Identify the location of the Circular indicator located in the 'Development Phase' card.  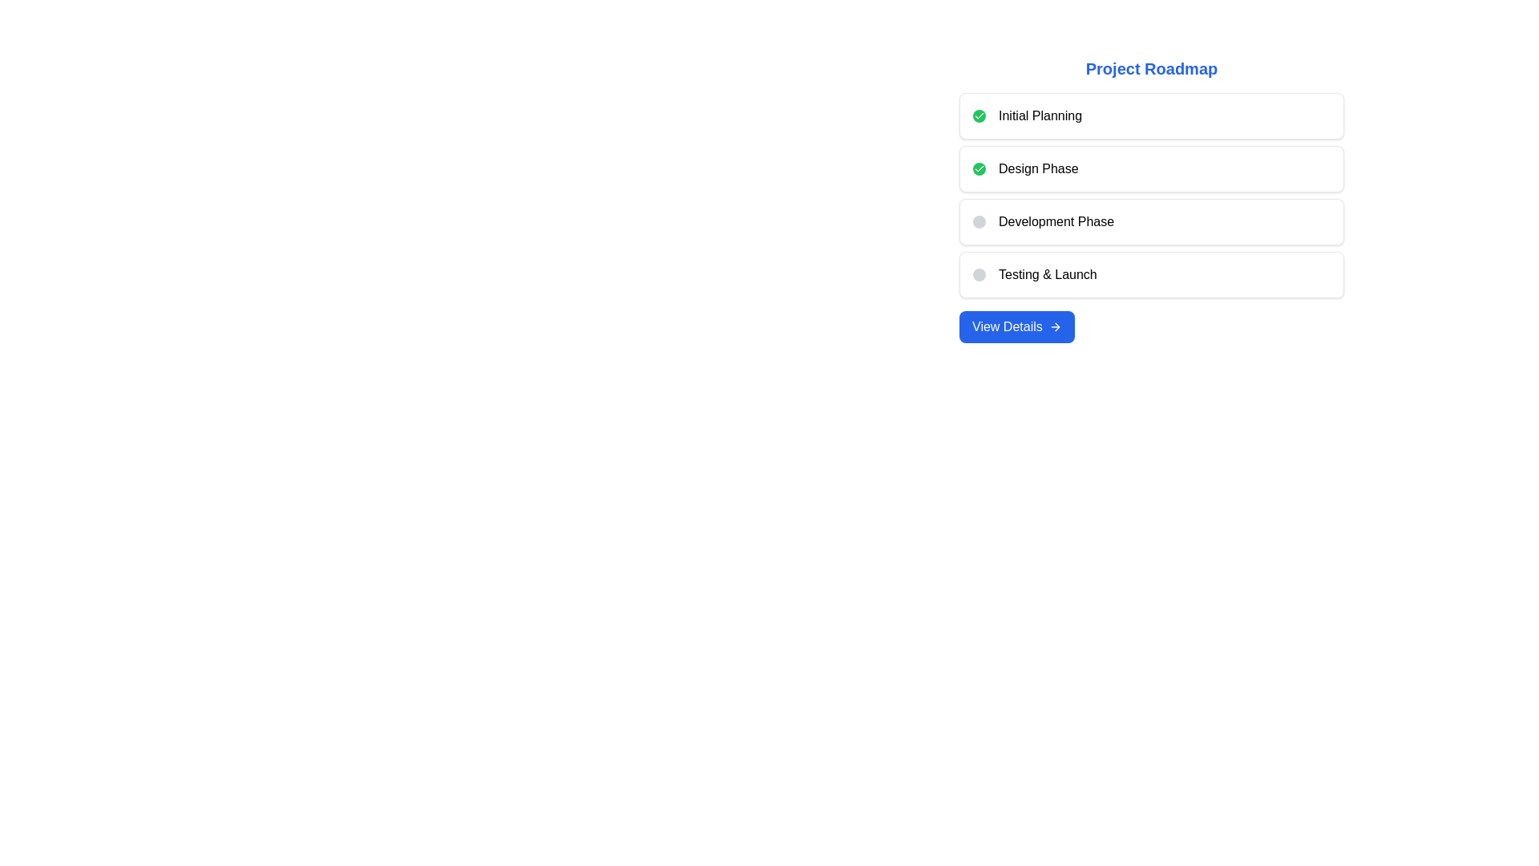
(979, 222).